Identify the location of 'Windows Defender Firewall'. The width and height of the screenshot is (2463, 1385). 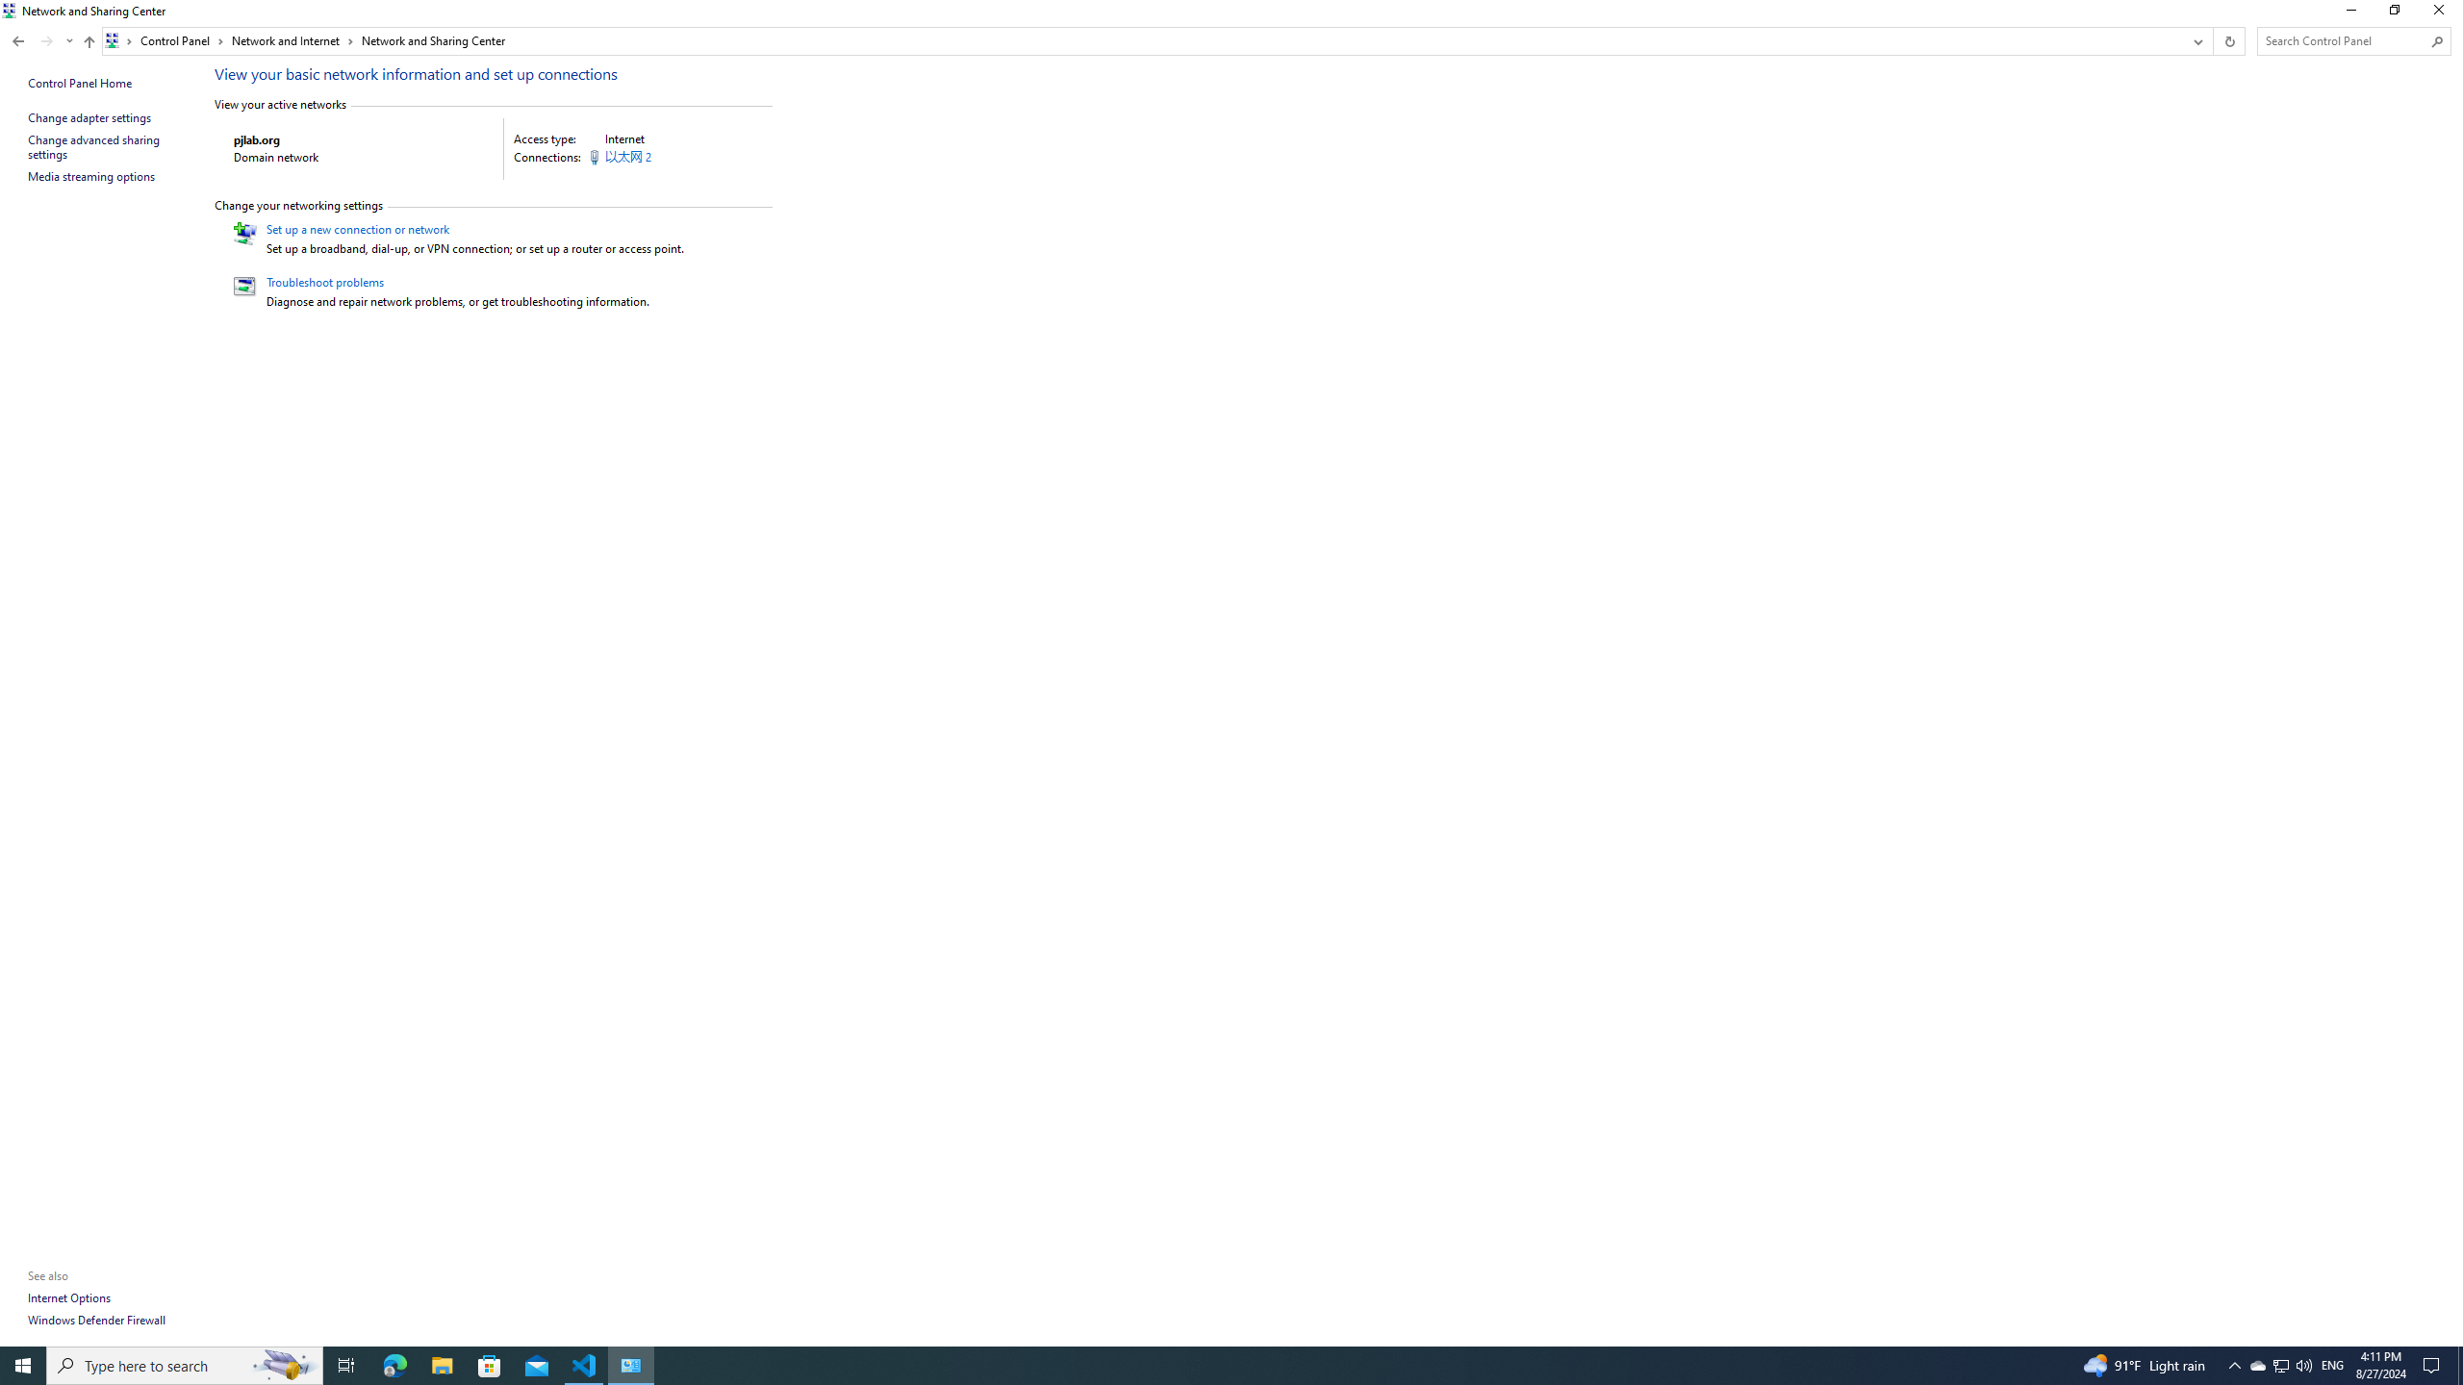
(97, 1319).